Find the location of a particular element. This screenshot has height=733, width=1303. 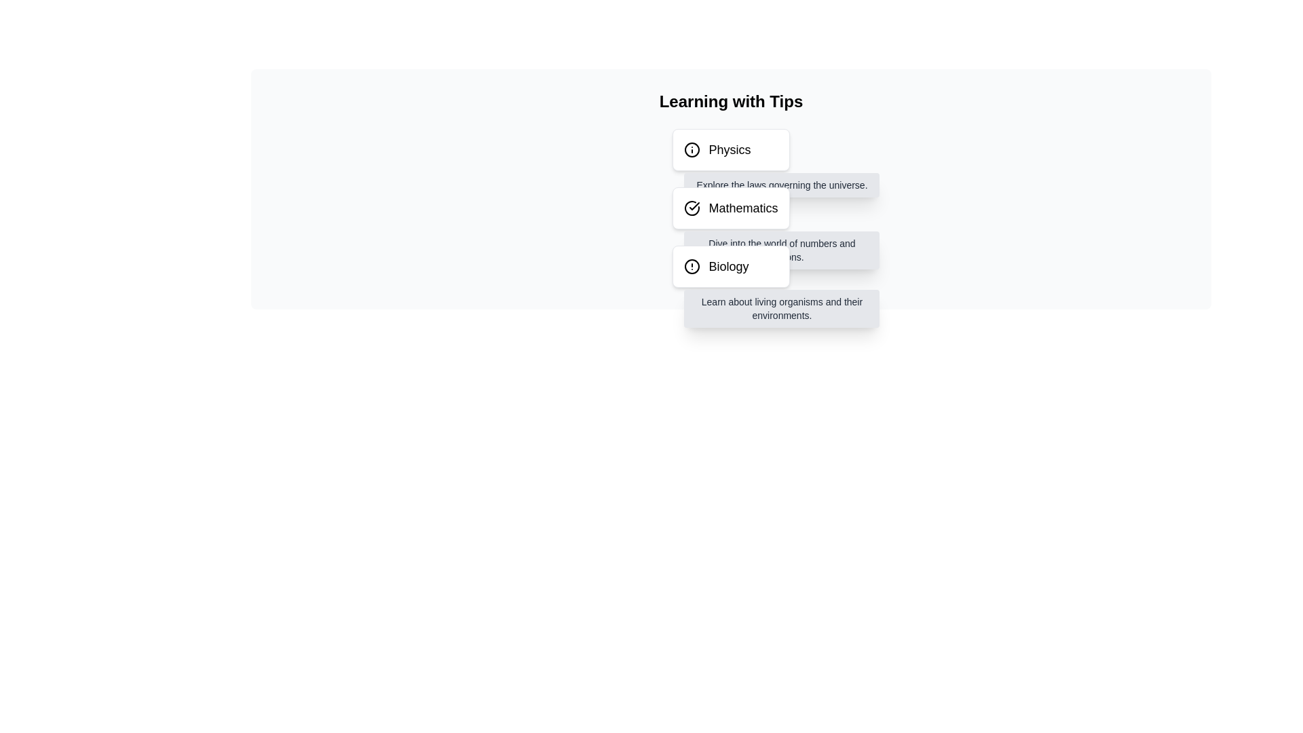

the caution icon located to the left of the 'Biology' text in the third item of the vertical list under 'Learning with Tips' is located at coordinates (692, 267).